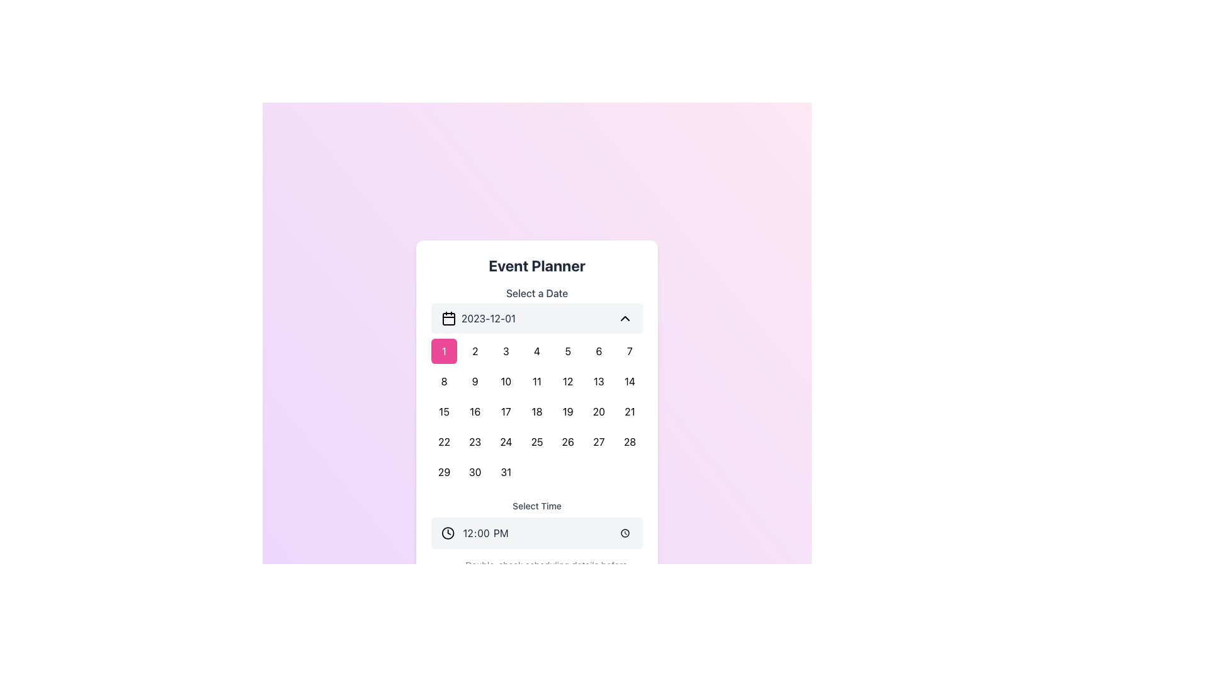 Image resolution: width=1209 pixels, height=680 pixels. Describe the element at coordinates (448, 533) in the screenshot. I see `the black circular SVG element that is part of the clock icon in the 'Select Time' section, located to the left of the '12:00 PM' time selection input field` at that location.